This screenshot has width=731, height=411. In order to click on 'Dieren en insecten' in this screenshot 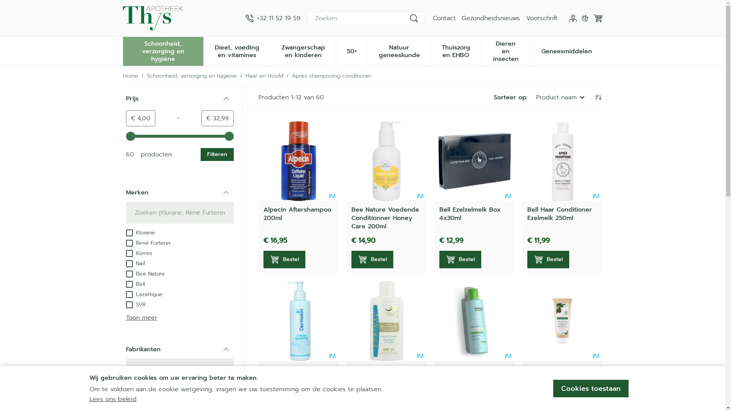, I will do `click(480, 50)`.